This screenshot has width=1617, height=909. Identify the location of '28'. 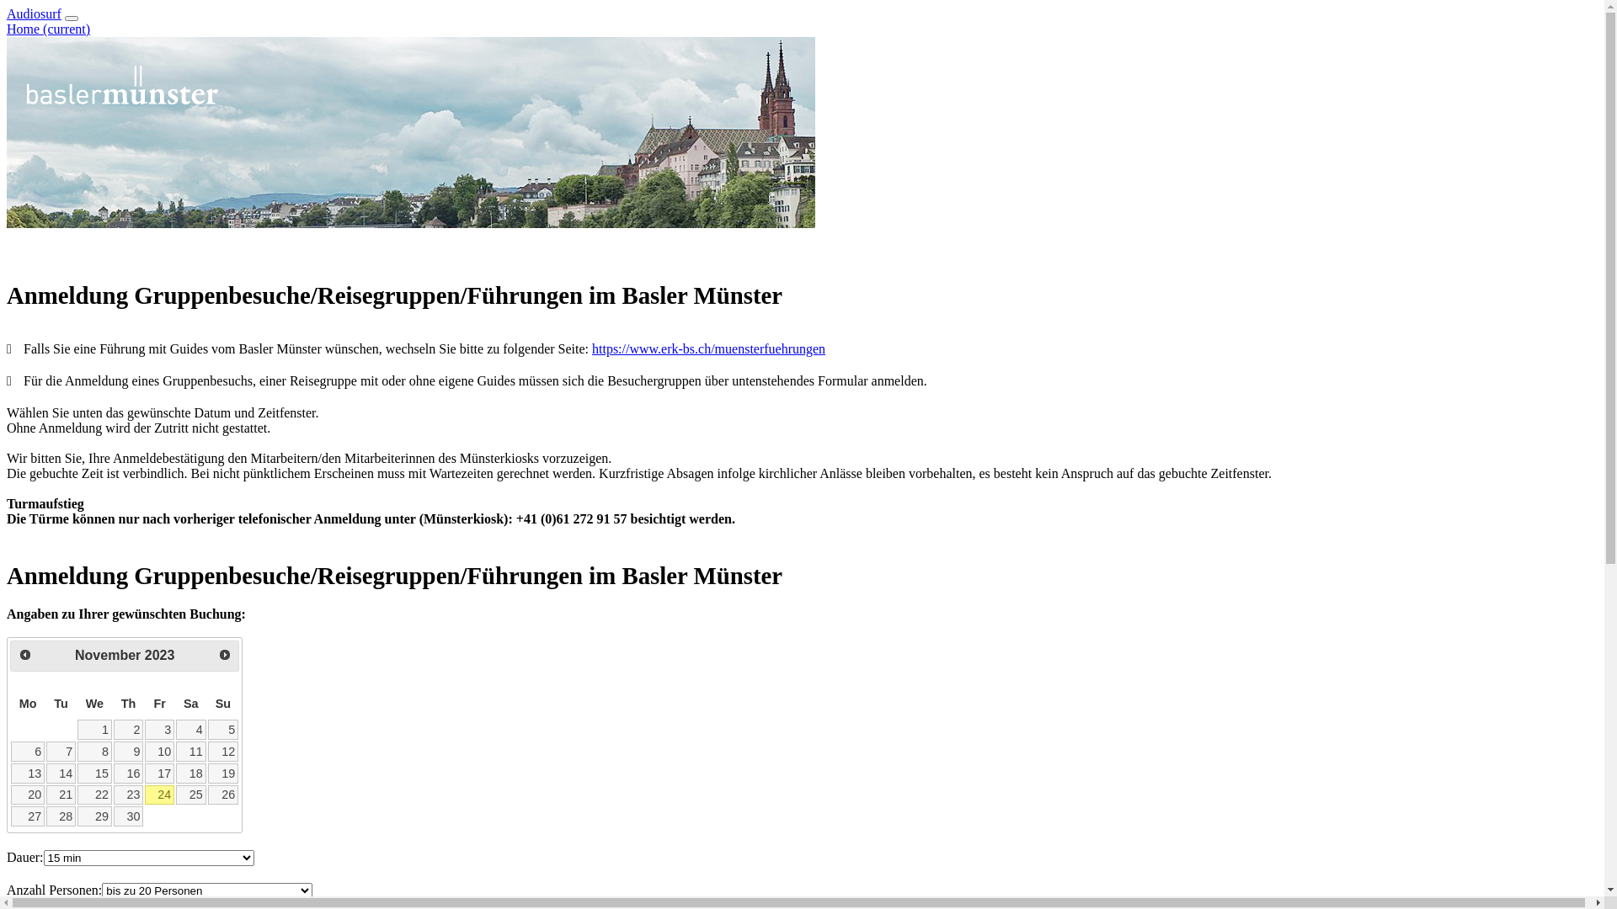
(45, 815).